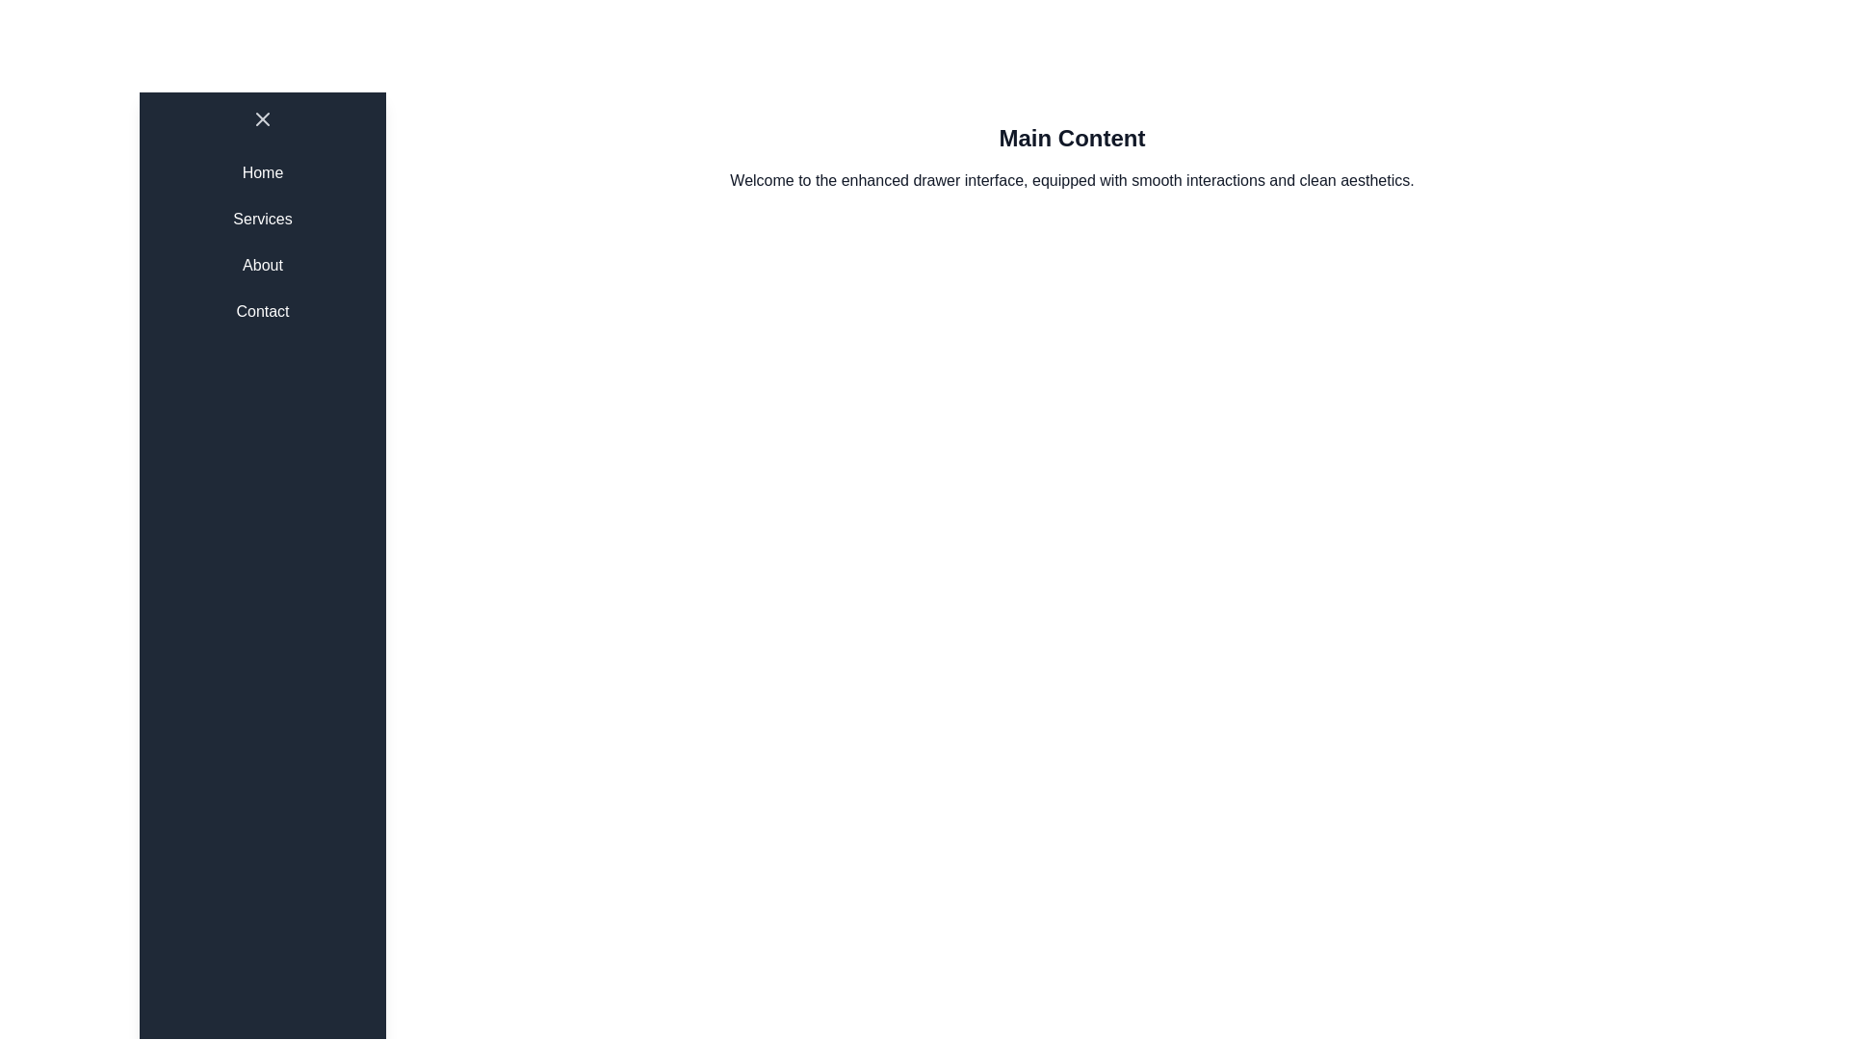 Image resolution: width=1849 pixels, height=1040 pixels. What do you see at coordinates (1071, 181) in the screenshot?
I see `the text block that contains 'Welcome to the enhanced drawer interface, equipped with smooth interactions and clean aesthetics.', which is located beneath the bold heading 'Main Content'` at bounding box center [1071, 181].